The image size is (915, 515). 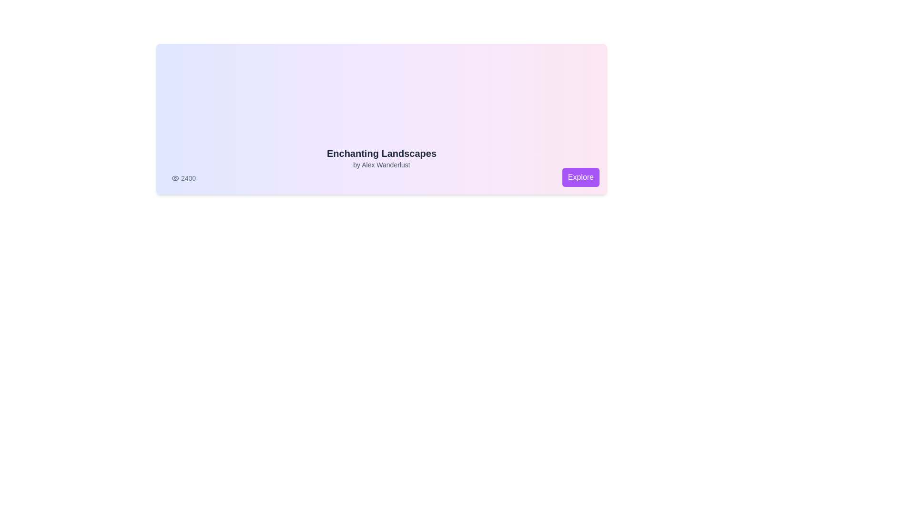 What do you see at coordinates (588, 178) in the screenshot?
I see `the text display element showing the number '16', which likely indicates a count of messages or comments, positioned to the right of a chat bubble icon` at bounding box center [588, 178].